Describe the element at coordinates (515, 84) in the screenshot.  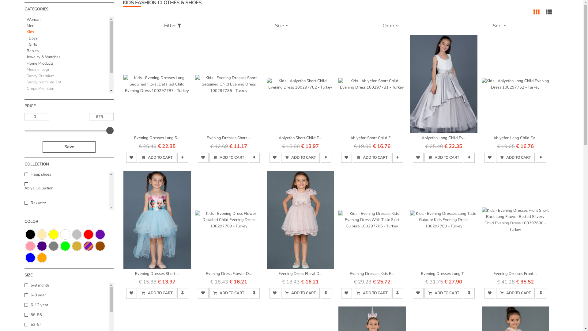
I see `'Kids - Abiyefon Long Child Evening Dress 100297752 - Turkey'` at that location.